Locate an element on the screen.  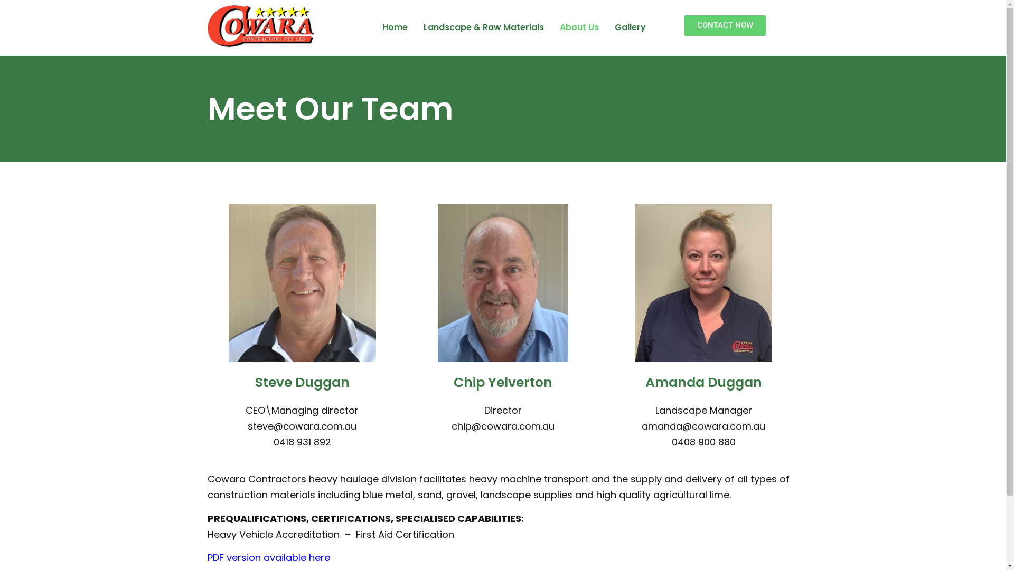
'here' is located at coordinates (318, 557).